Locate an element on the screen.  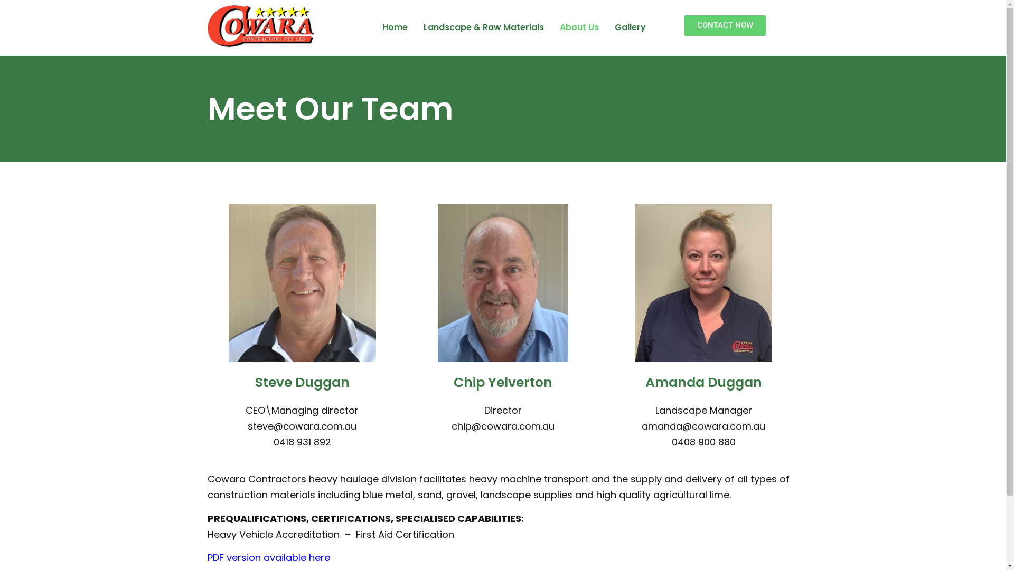
'here' is located at coordinates (318, 557).